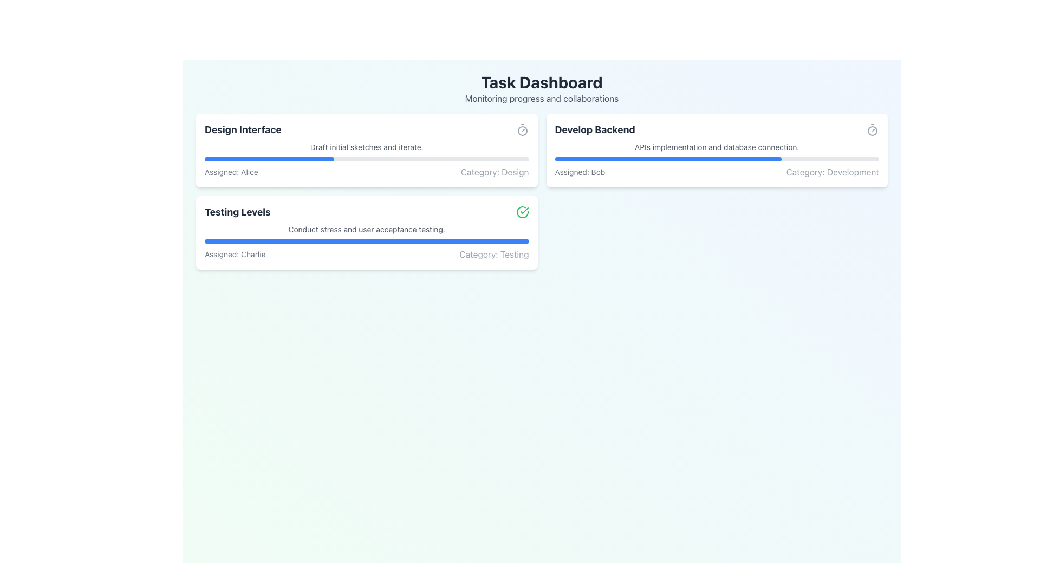 The width and height of the screenshot is (1040, 585). What do you see at coordinates (832, 171) in the screenshot?
I see `text label indicating the category of the associated task located at the bottom-right corner of the 'Develop Backend' task card` at bounding box center [832, 171].